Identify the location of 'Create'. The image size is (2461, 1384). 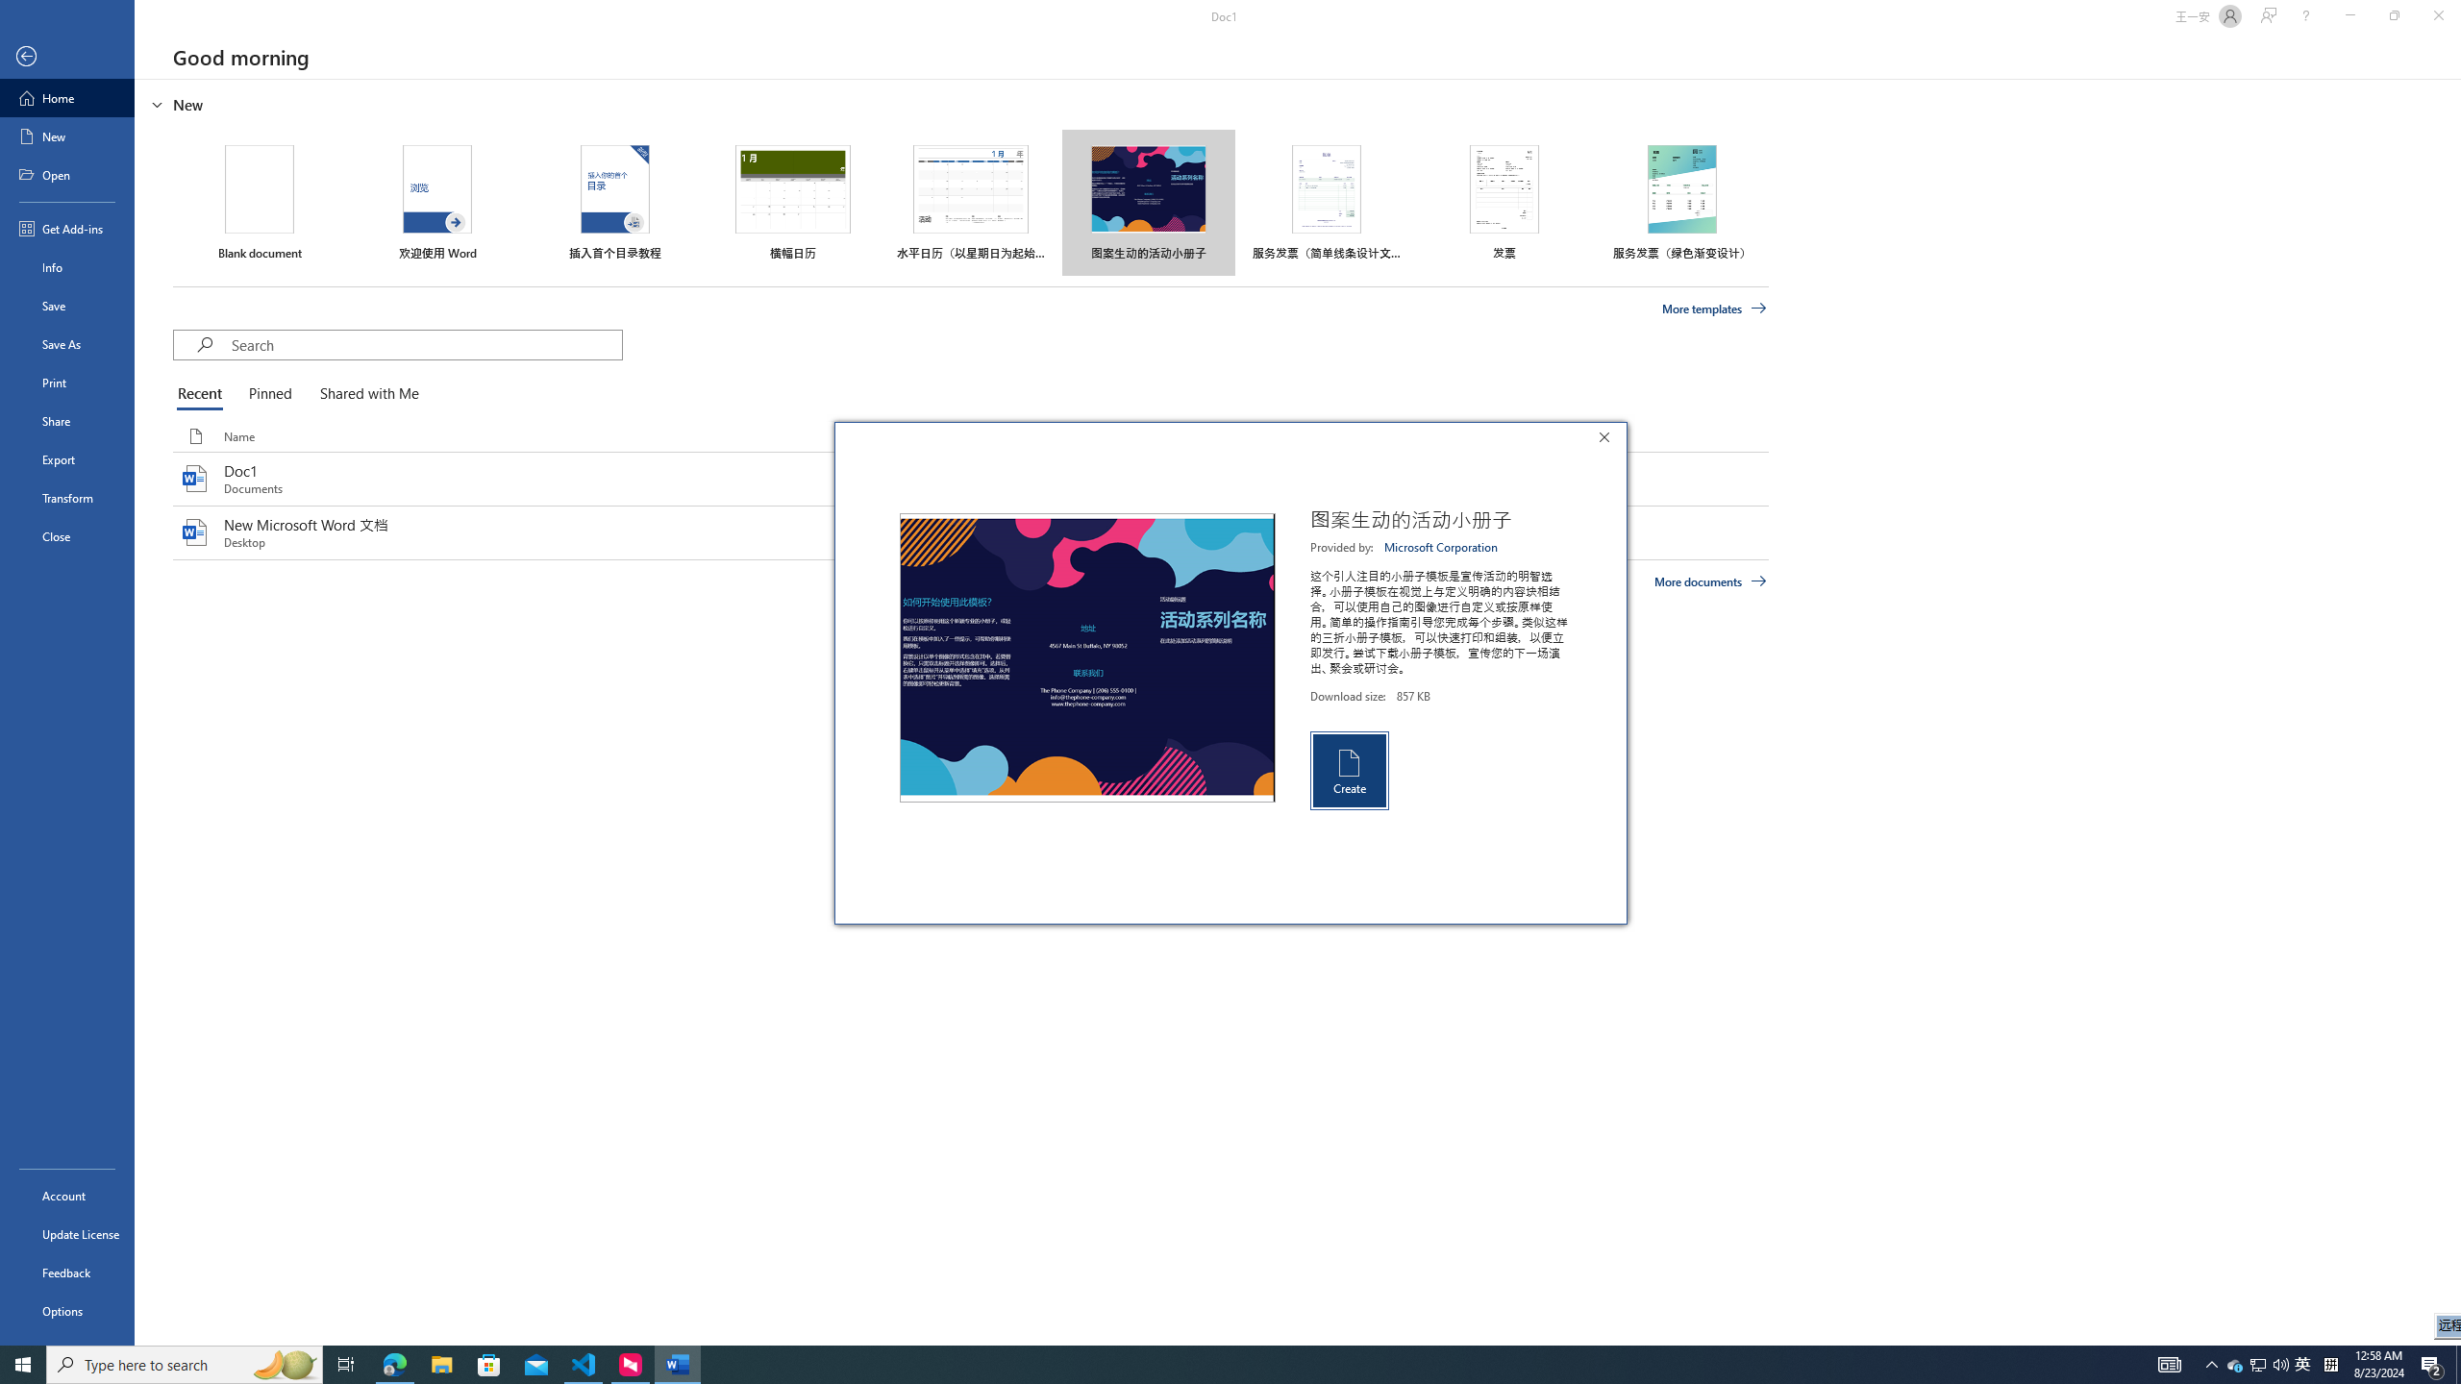
(1348, 769).